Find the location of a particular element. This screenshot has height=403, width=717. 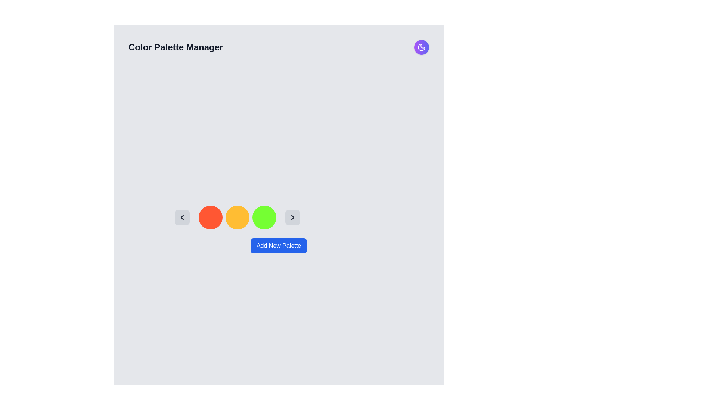

the crescent moon icon button outlined in a gradient-filled circle is located at coordinates (421, 47).